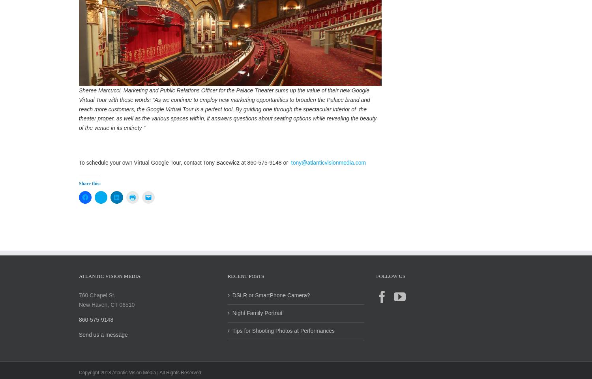  I want to click on 'tony@atlanticvisionmedia.com', so click(327, 171).